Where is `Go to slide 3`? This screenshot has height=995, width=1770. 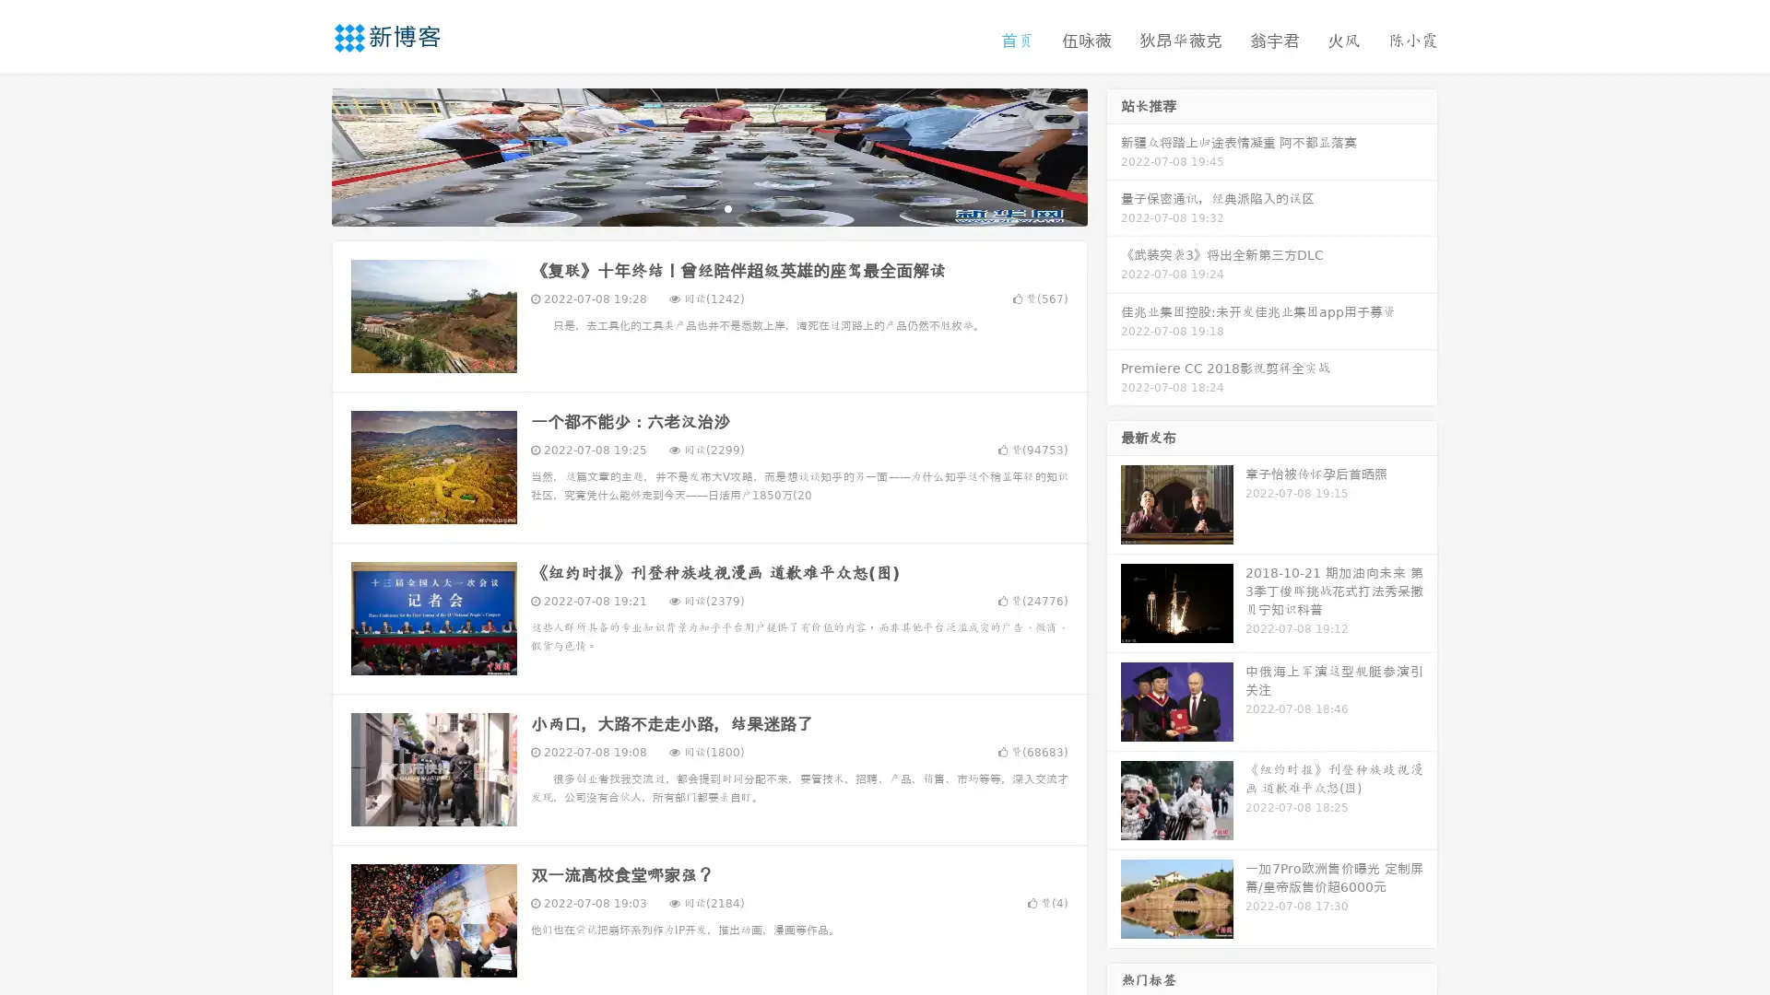 Go to slide 3 is located at coordinates (727, 207).